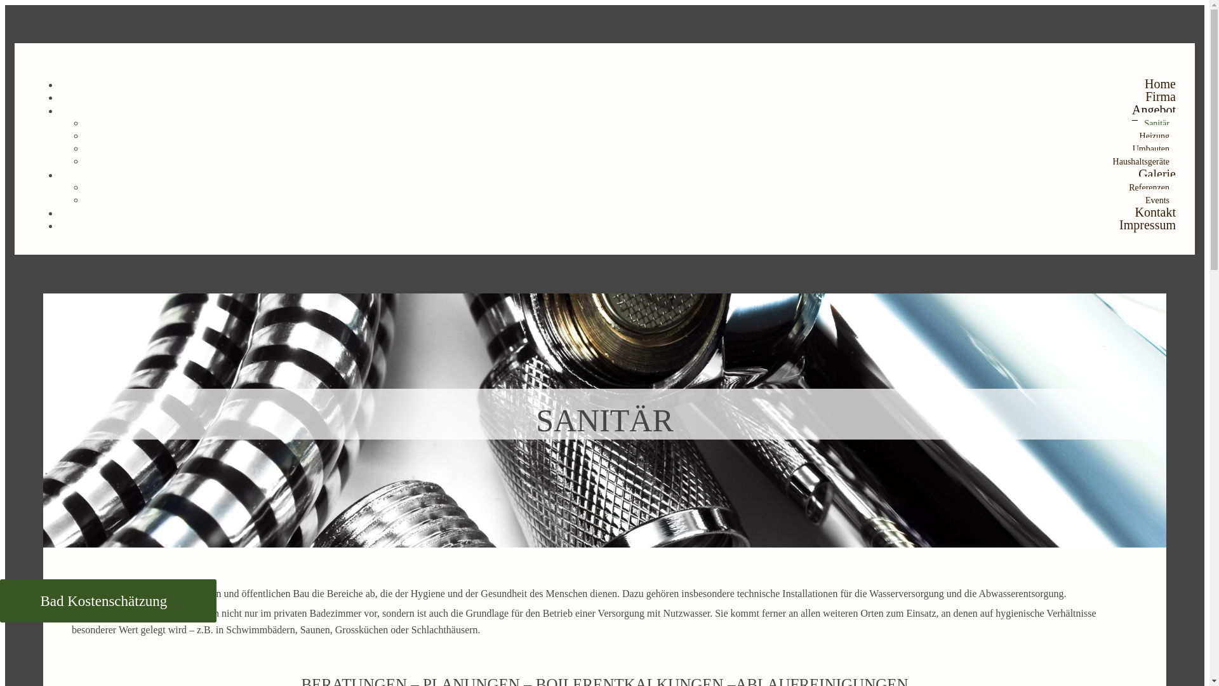  I want to click on 'Kontakt', so click(1135, 212).